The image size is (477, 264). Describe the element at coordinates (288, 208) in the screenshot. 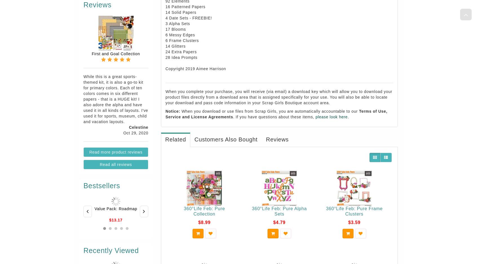

I see `'Value Pack: Light it Up'` at that location.